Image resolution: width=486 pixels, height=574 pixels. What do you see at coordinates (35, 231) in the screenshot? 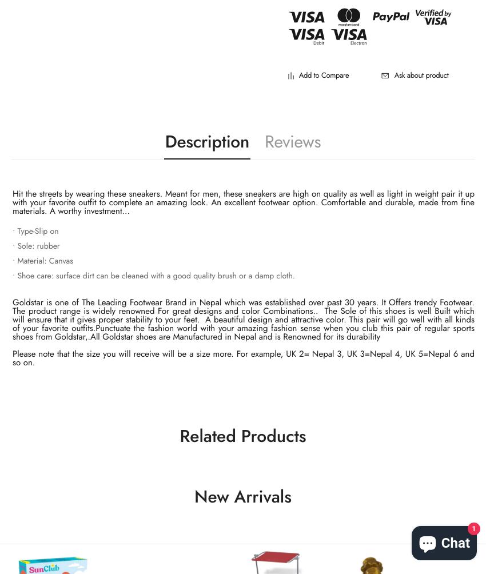
I see `'• Type-Slip on'` at bounding box center [35, 231].